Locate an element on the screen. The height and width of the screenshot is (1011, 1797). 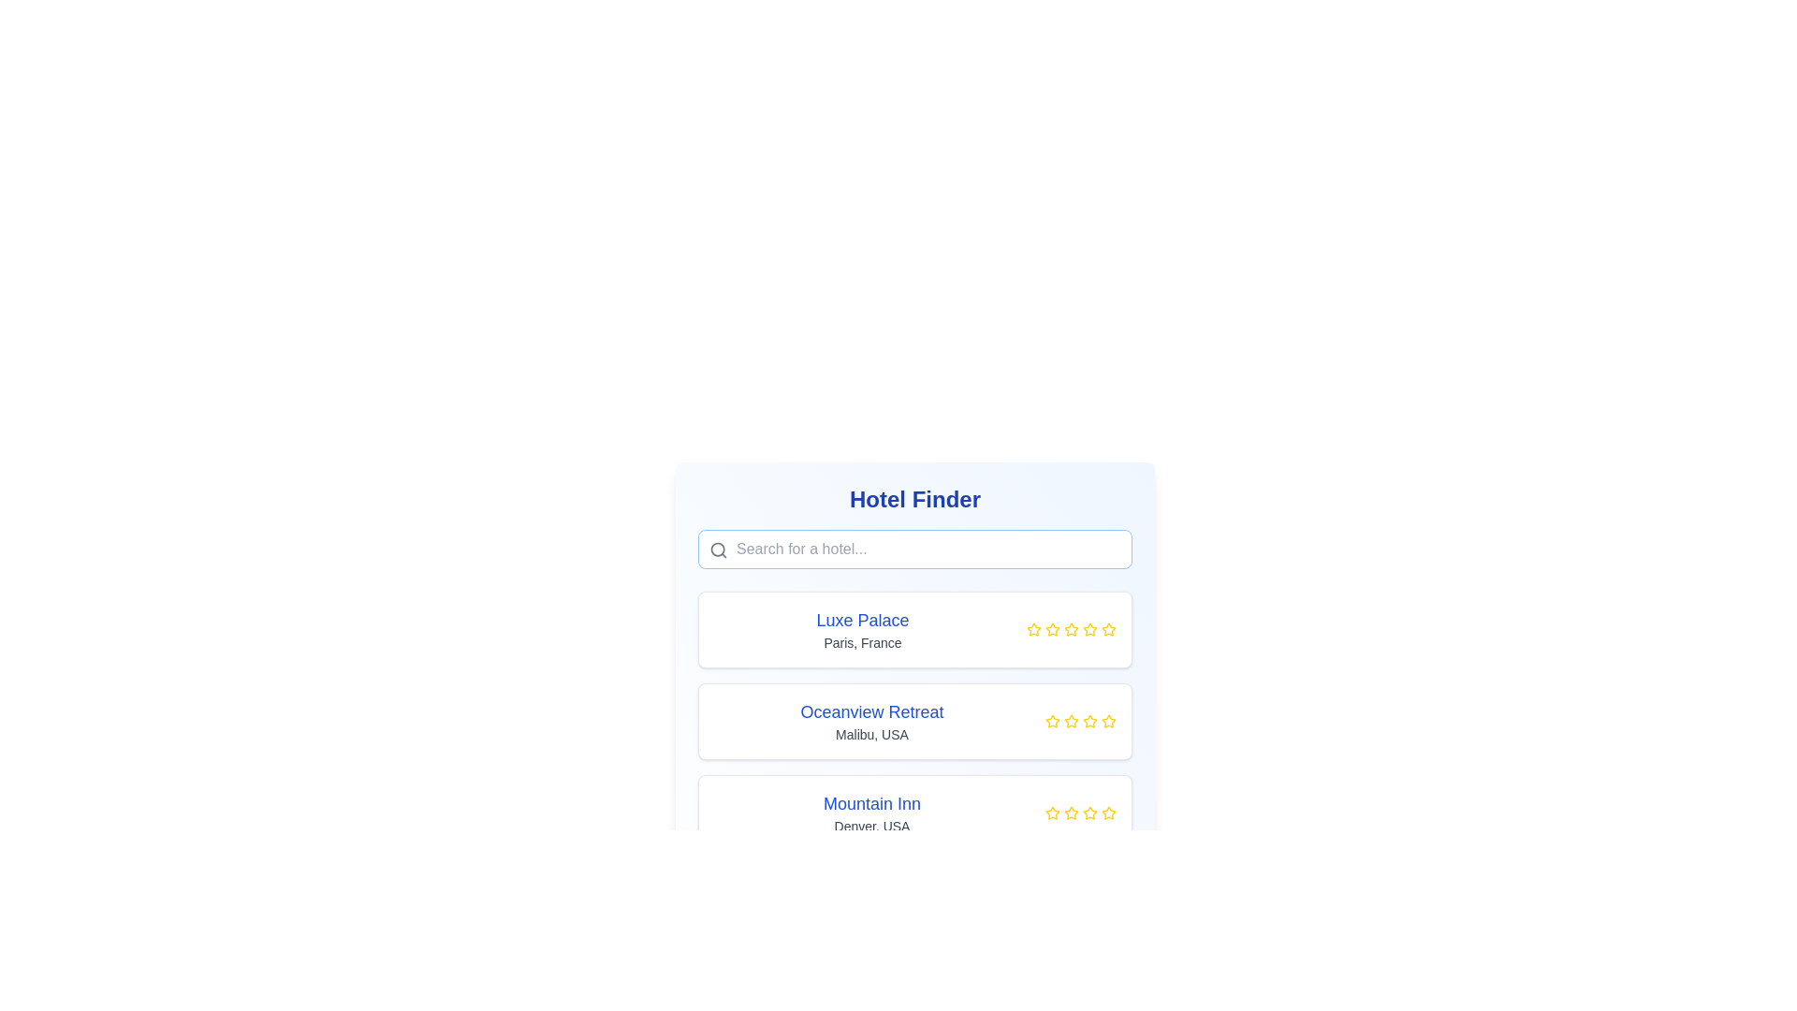
the third star icon in the rating system for 'Oceanview Retreat' is located at coordinates (1090, 720).